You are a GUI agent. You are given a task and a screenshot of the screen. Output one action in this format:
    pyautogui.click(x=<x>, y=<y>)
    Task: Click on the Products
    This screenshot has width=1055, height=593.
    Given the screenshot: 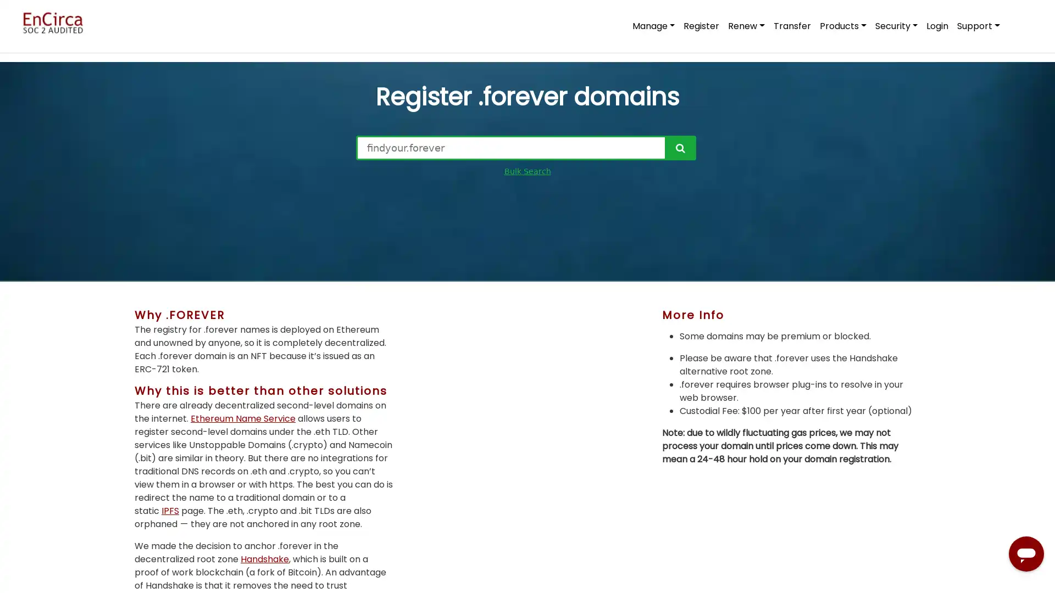 What is the action you would take?
    pyautogui.click(x=842, y=25)
    